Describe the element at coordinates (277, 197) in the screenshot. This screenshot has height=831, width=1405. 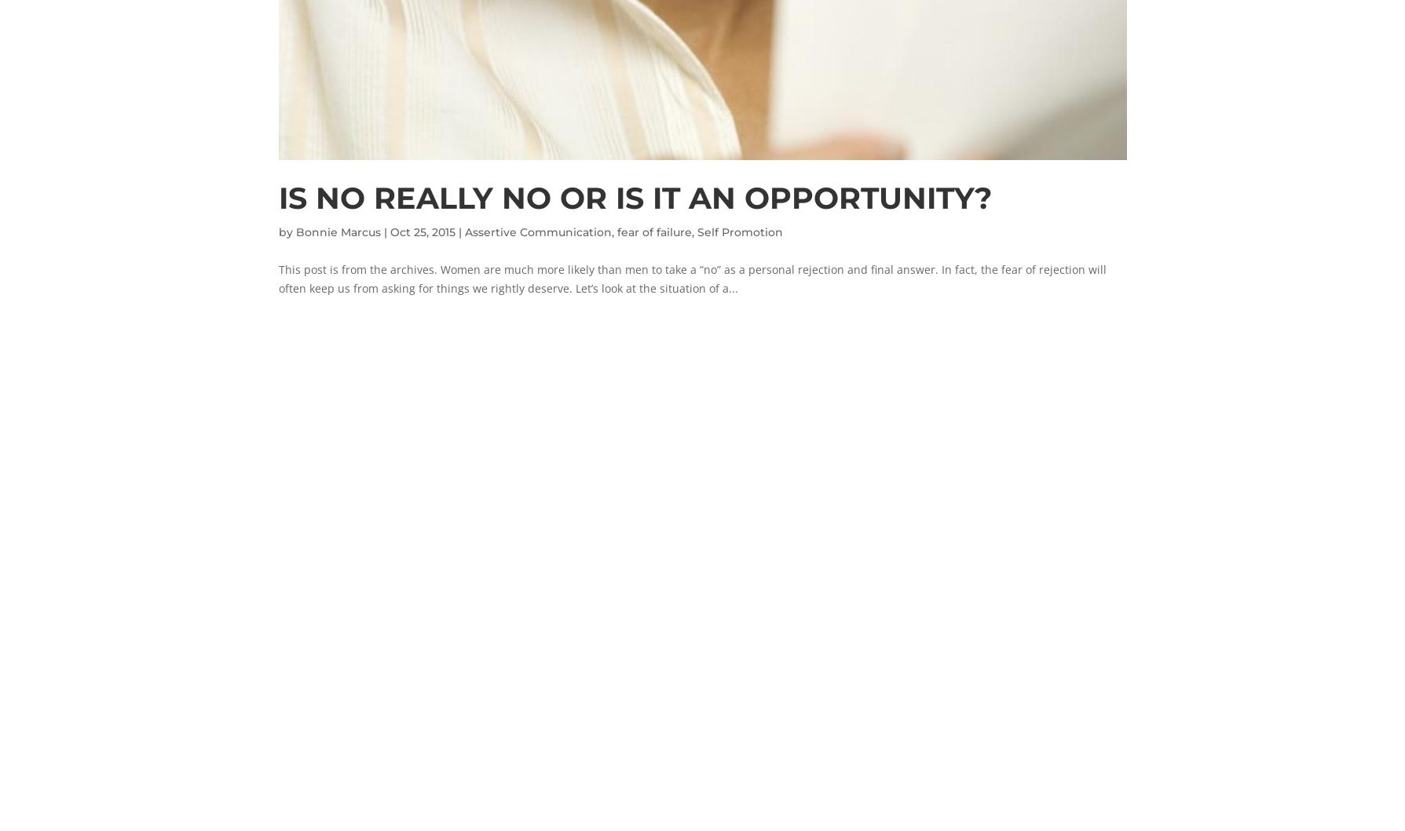
I see `'Is No Really No Or Is It An Opportunity?'` at that location.